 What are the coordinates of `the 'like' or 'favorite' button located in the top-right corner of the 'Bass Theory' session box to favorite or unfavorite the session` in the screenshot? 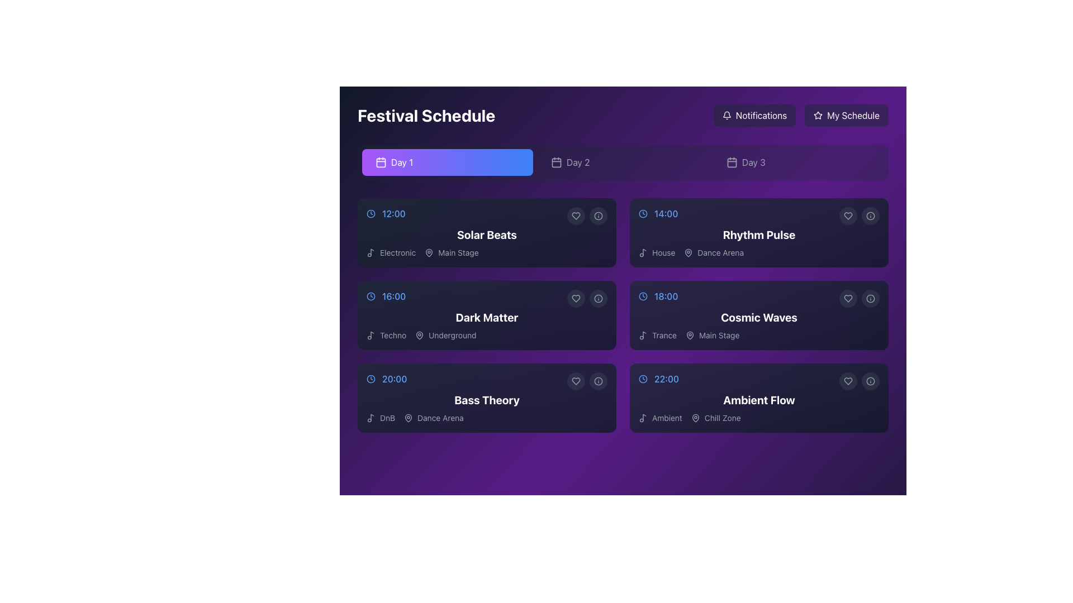 It's located at (576, 380).